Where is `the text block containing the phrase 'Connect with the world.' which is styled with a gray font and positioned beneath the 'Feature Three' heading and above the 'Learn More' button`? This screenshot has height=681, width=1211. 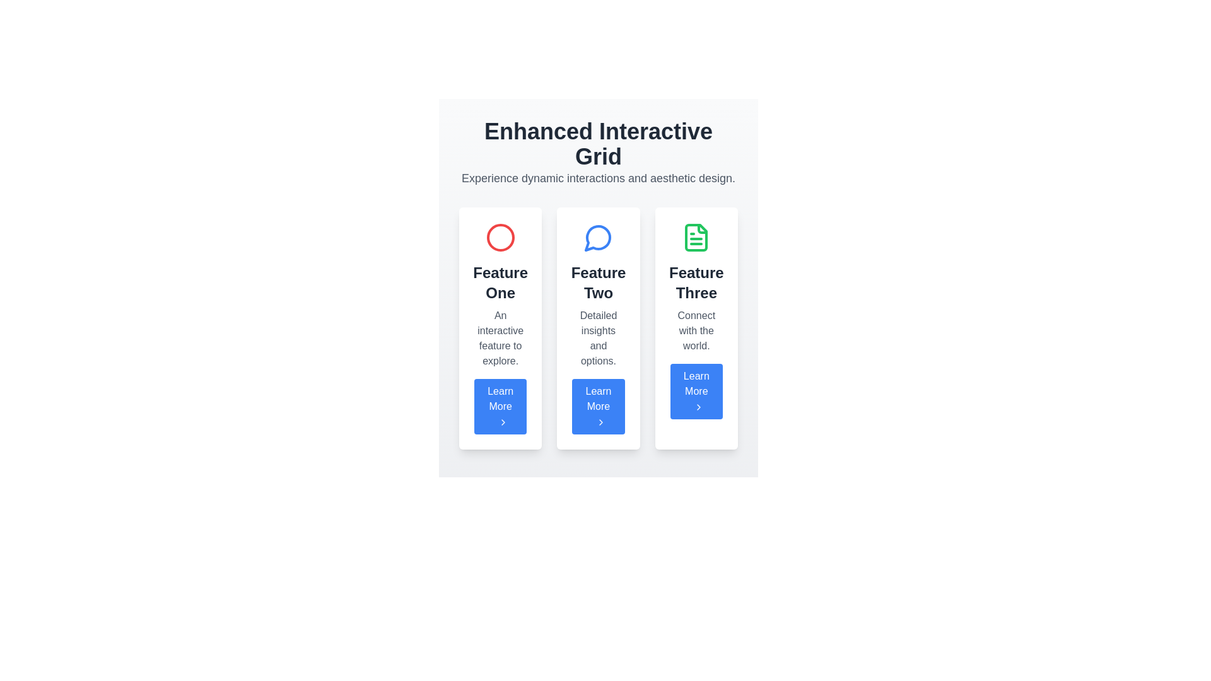 the text block containing the phrase 'Connect with the world.' which is styled with a gray font and positioned beneath the 'Feature Three' heading and above the 'Learn More' button is located at coordinates (696, 330).